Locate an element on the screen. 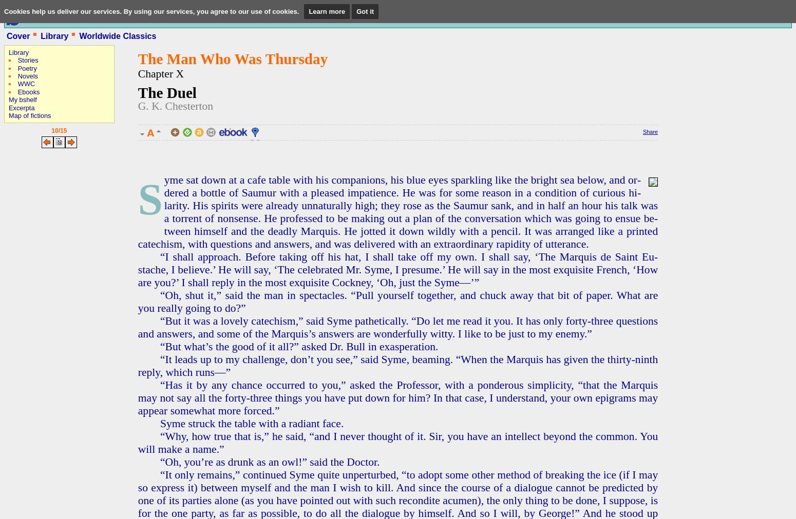 The image size is (796, 519). 'Excerpta' is located at coordinates (21, 107).